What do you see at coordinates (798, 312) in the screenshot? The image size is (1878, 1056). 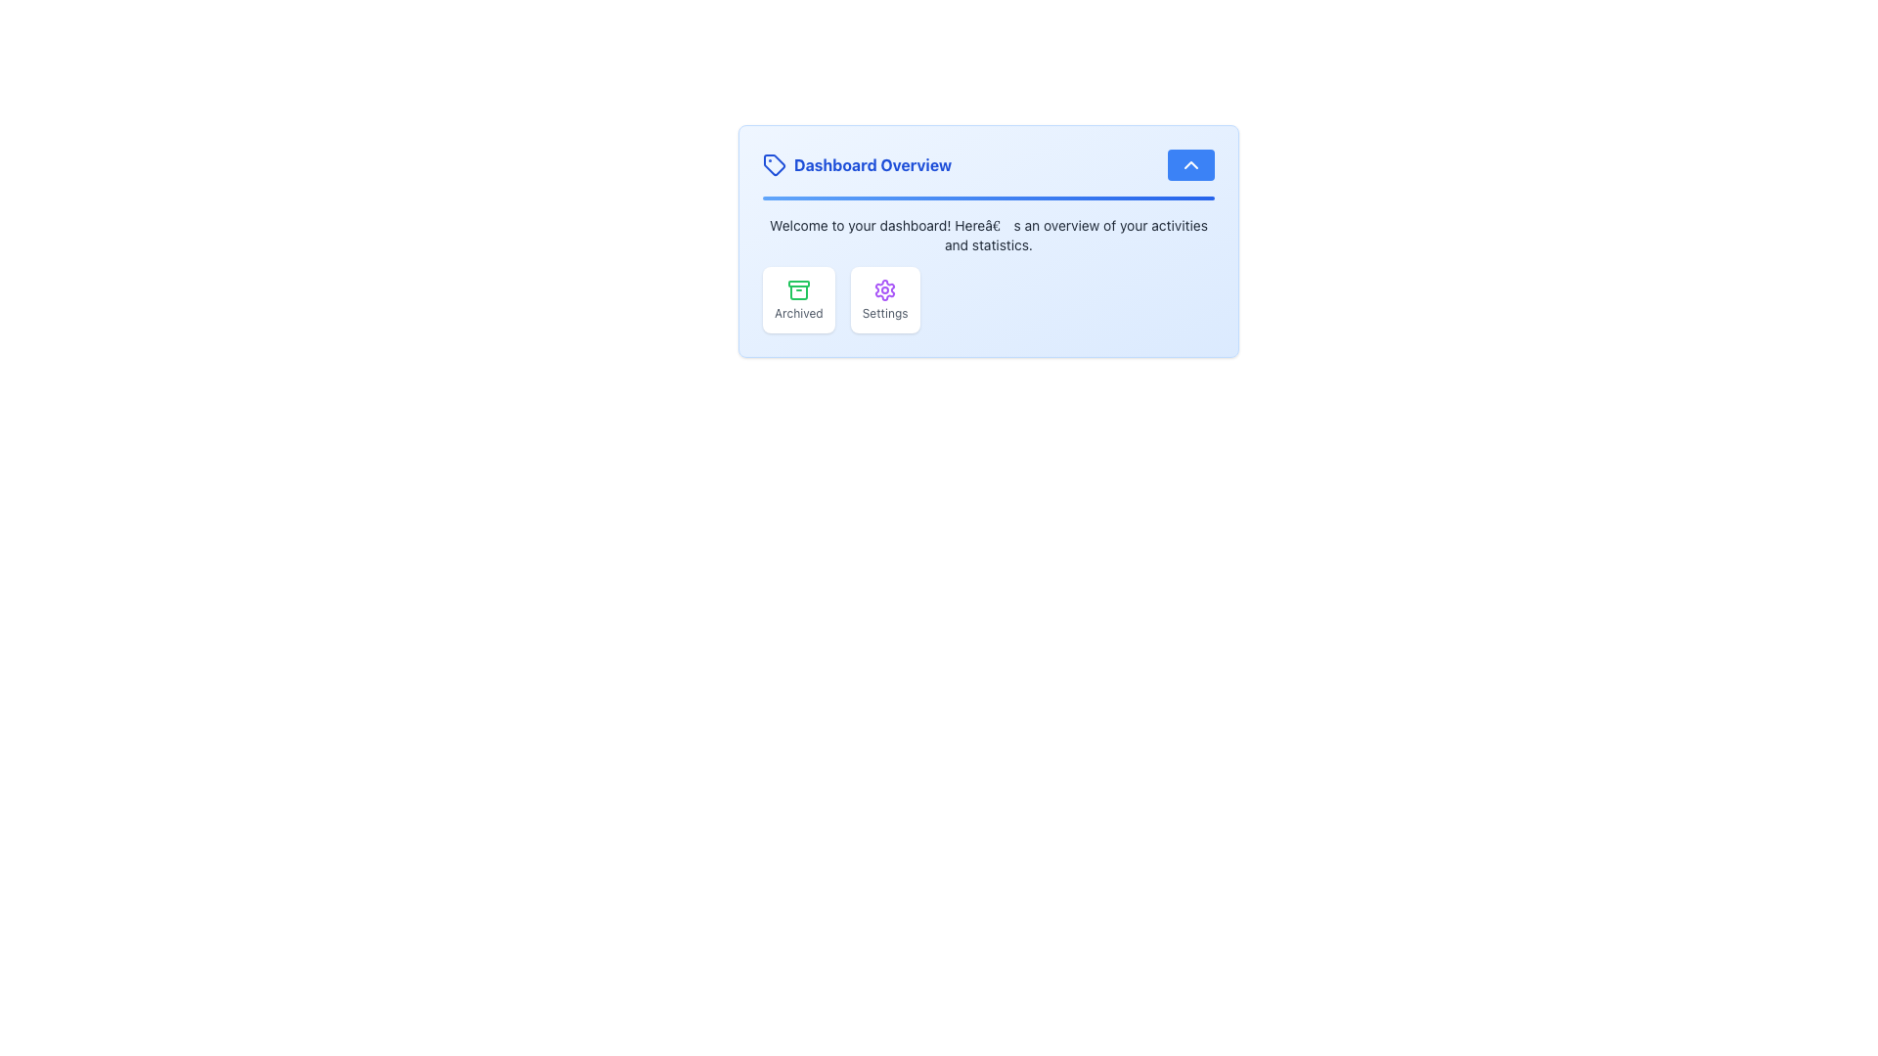 I see `the 'Archived' text label styled in gray color, located below the green archive icon within a rounded white card at the top-left corner of the dashboard area` at bounding box center [798, 312].